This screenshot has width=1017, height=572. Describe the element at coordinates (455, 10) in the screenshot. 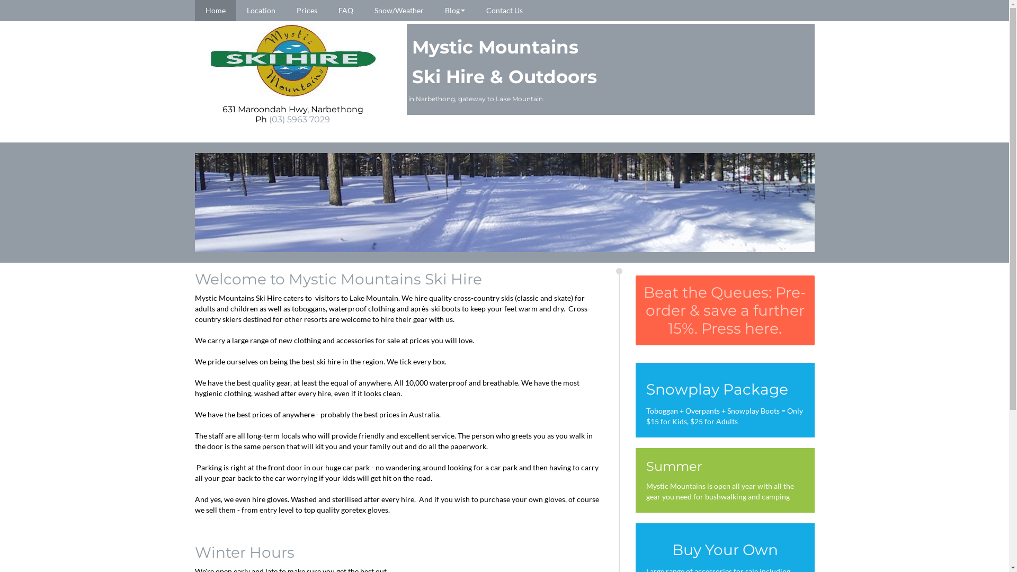

I see `'Blog'` at that location.